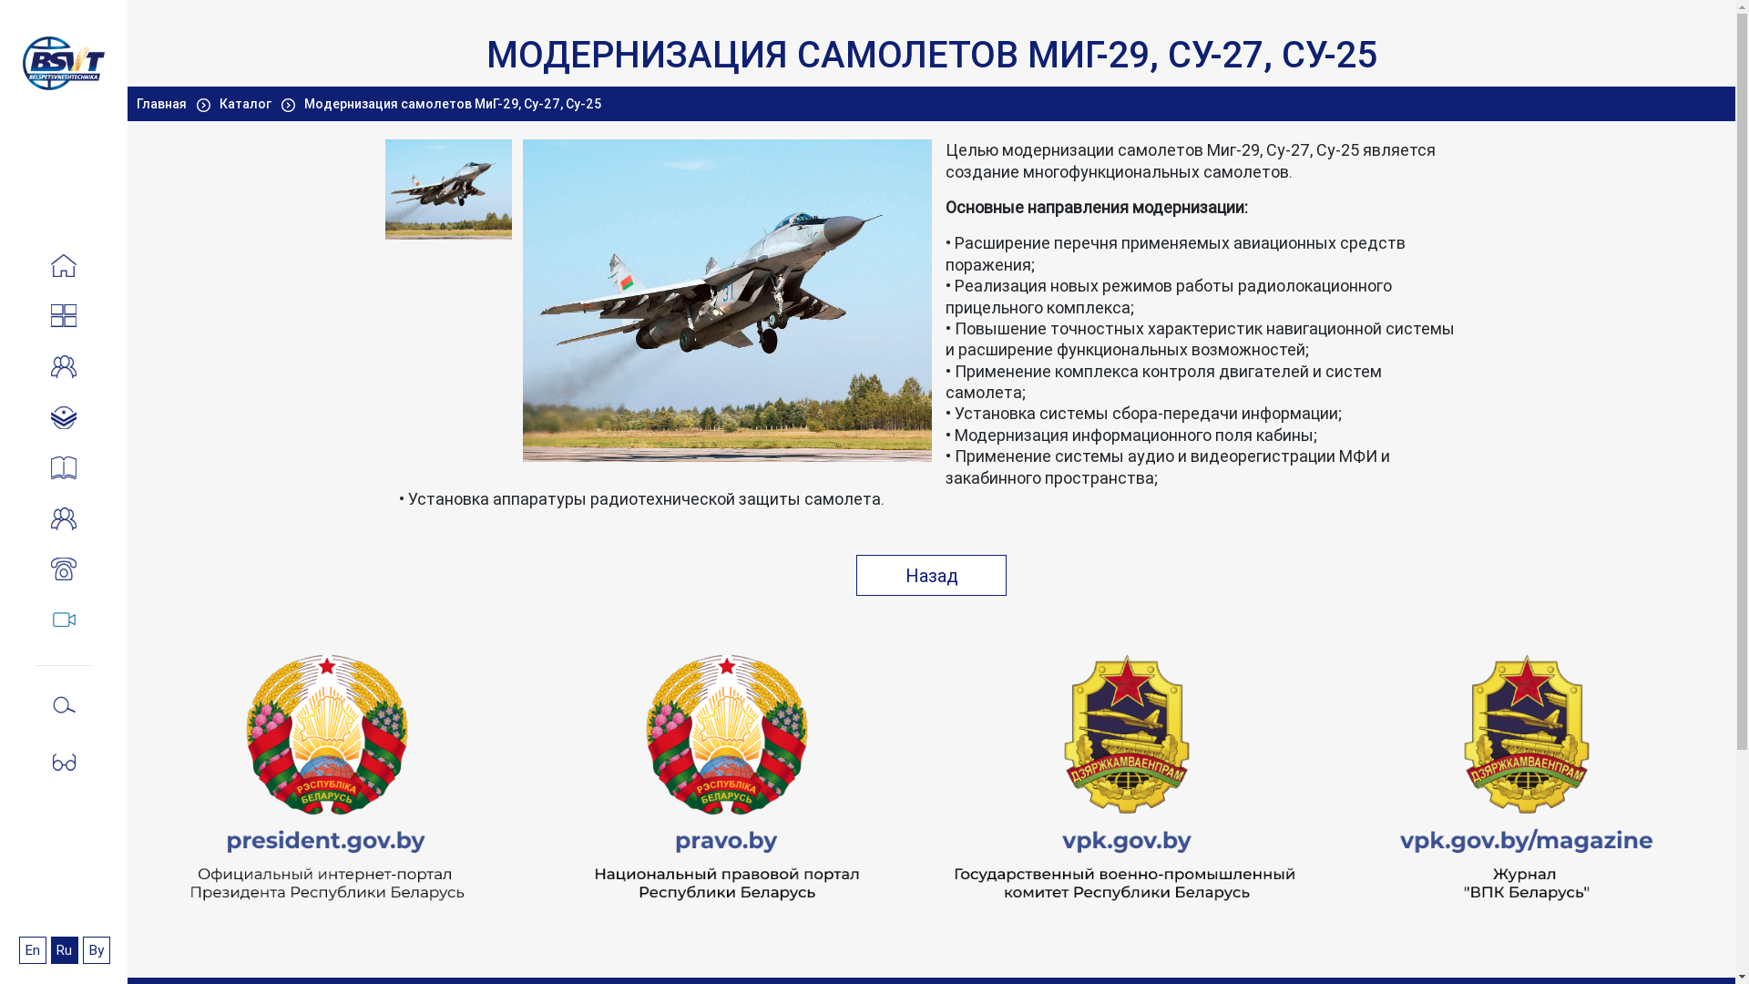 The width and height of the screenshot is (1749, 984). Describe the element at coordinates (31, 948) in the screenshot. I see `'En'` at that location.